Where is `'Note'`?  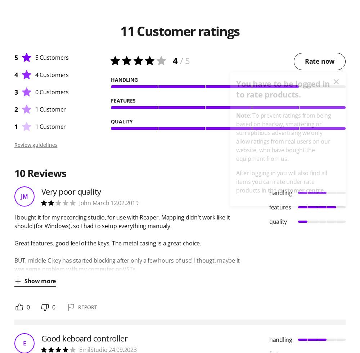
'Note' is located at coordinates (243, 115).